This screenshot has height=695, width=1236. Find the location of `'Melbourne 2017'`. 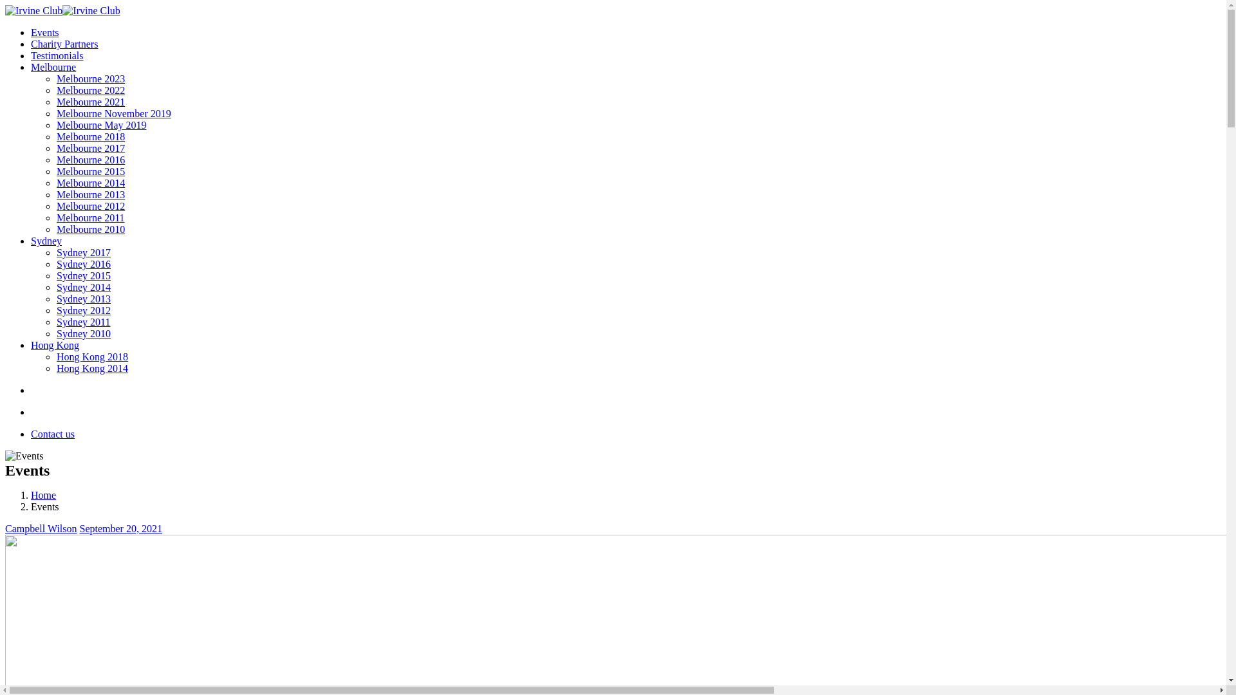

'Melbourne 2017' is located at coordinates (89, 147).